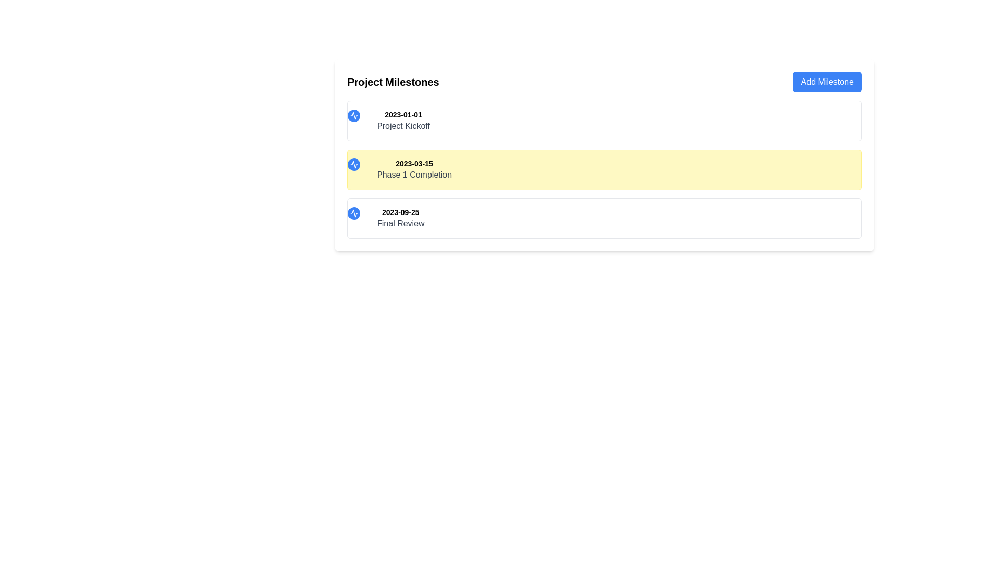  I want to click on the text label that describes a project milestone, positioned below the date label '2023-03-15' and under the header 'Project Milestones', so click(414, 174).